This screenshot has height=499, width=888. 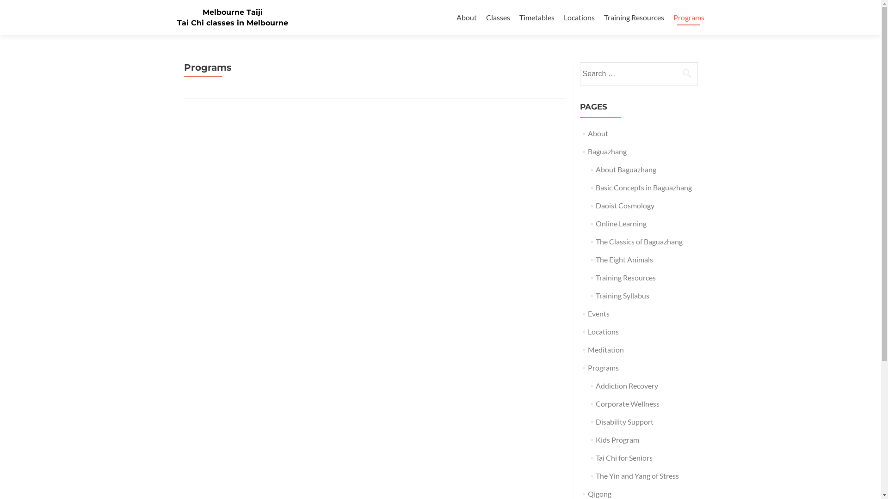 I want to click on 'About Baguazhang', so click(x=626, y=169).